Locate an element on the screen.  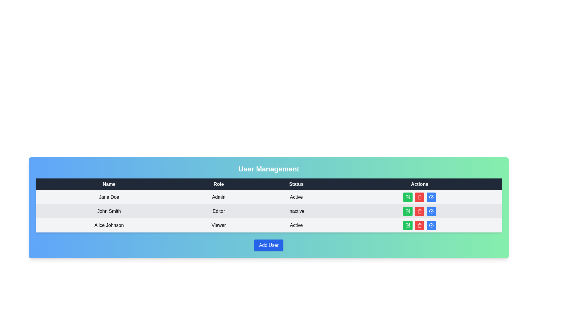
the graphical icon in the 'Actions' column of the last row is located at coordinates (408, 225).